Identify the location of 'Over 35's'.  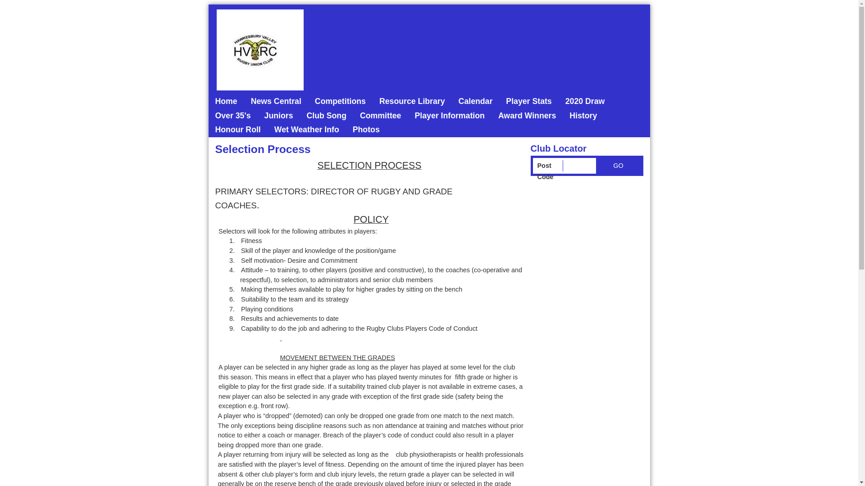
(232, 116).